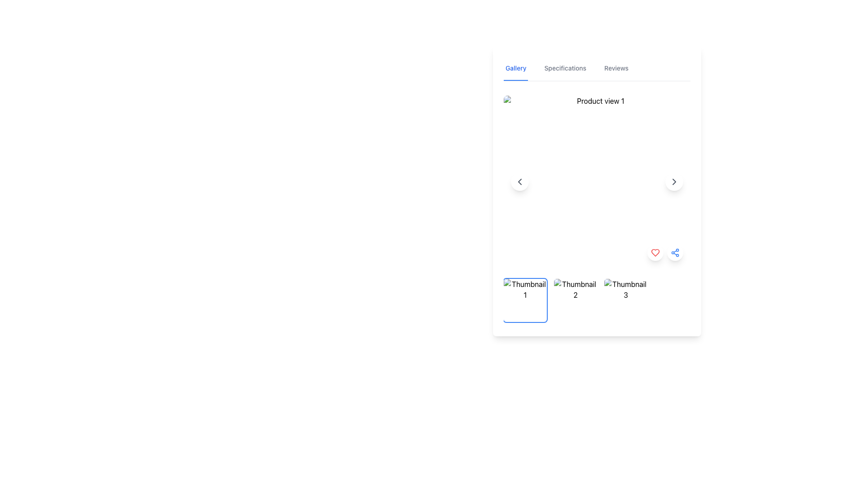  Describe the element at coordinates (597, 68) in the screenshot. I see `the 'Specifications' tab in the Tab navigation bar` at that location.